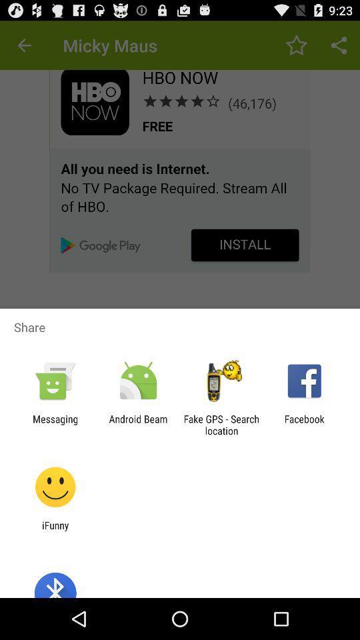 The height and width of the screenshot is (640, 360). What do you see at coordinates (221, 424) in the screenshot?
I see `item to the left of the facebook icon` at bounding box center [221, 424].